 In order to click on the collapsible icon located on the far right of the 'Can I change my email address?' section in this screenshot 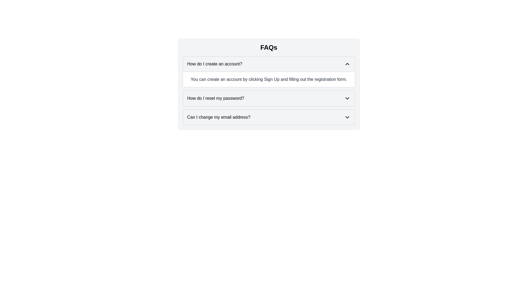, I will do `click(347, 117)`.